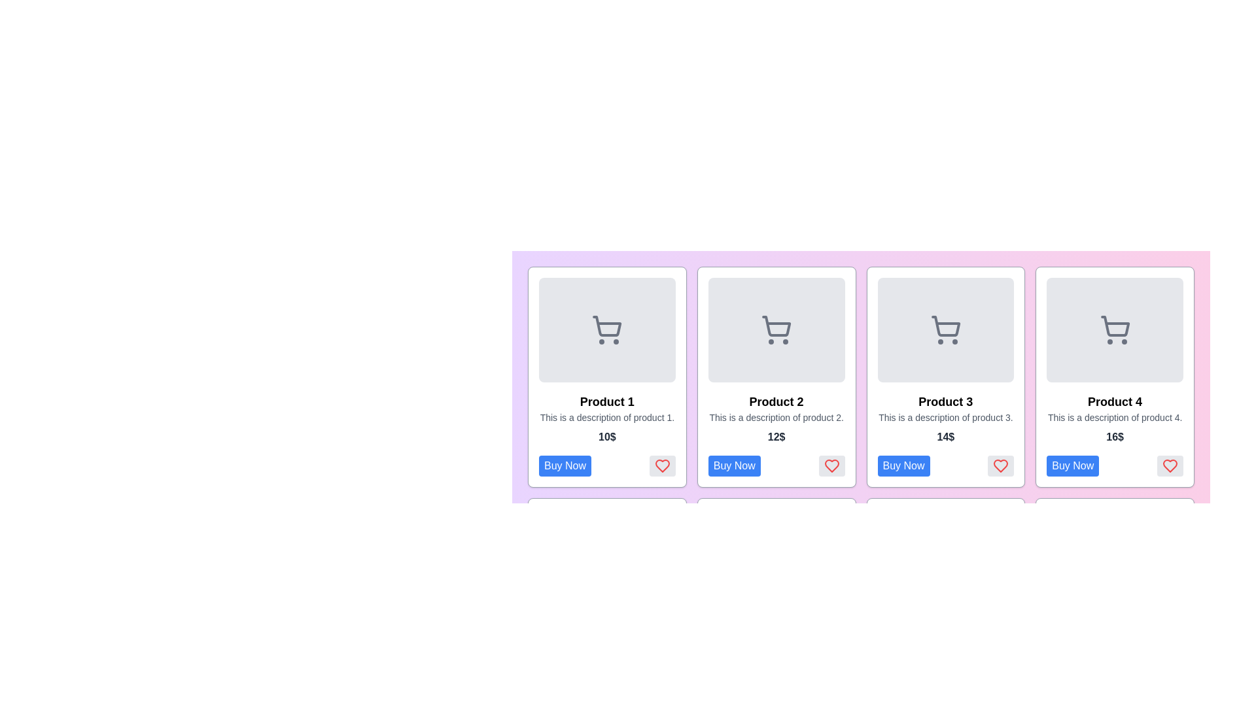 The height and width of the screenshot is (706, 1256). What do you see at coordinates (606, 329) in the screenshot?
I see `the shopping cart icon, which is a simplistic, line-based design in gray color, located at the top of the first product display in a grid layout` at bounding box center [606, 329].